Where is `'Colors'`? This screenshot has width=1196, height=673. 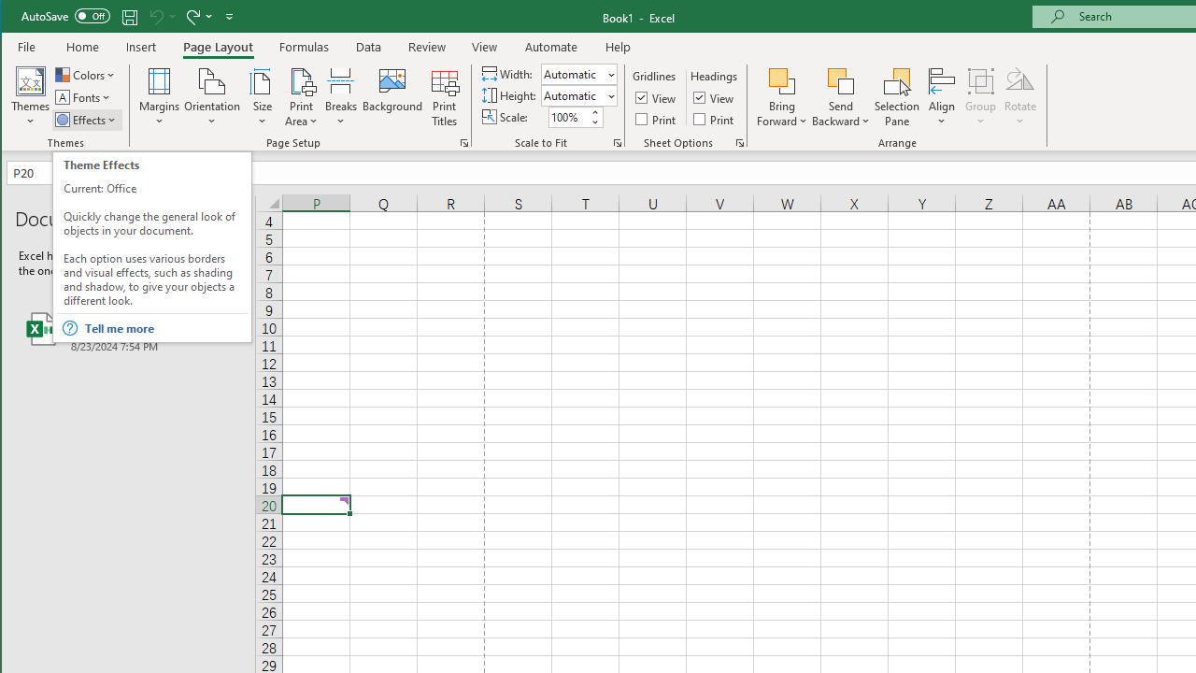 'Colors' is located at coordinates (86, 74).